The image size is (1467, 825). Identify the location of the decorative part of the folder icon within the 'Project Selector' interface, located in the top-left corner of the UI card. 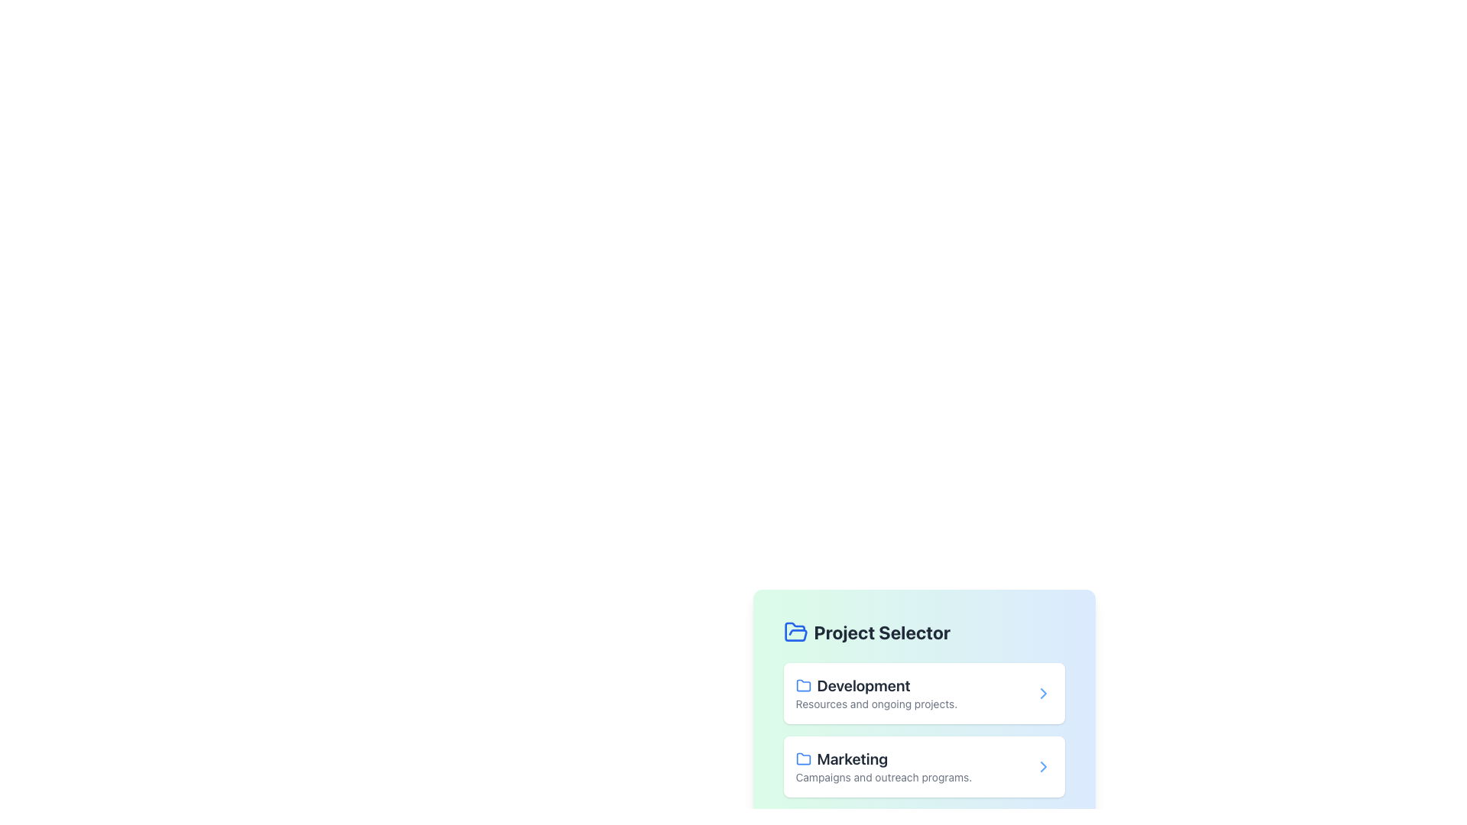
(795, 632).